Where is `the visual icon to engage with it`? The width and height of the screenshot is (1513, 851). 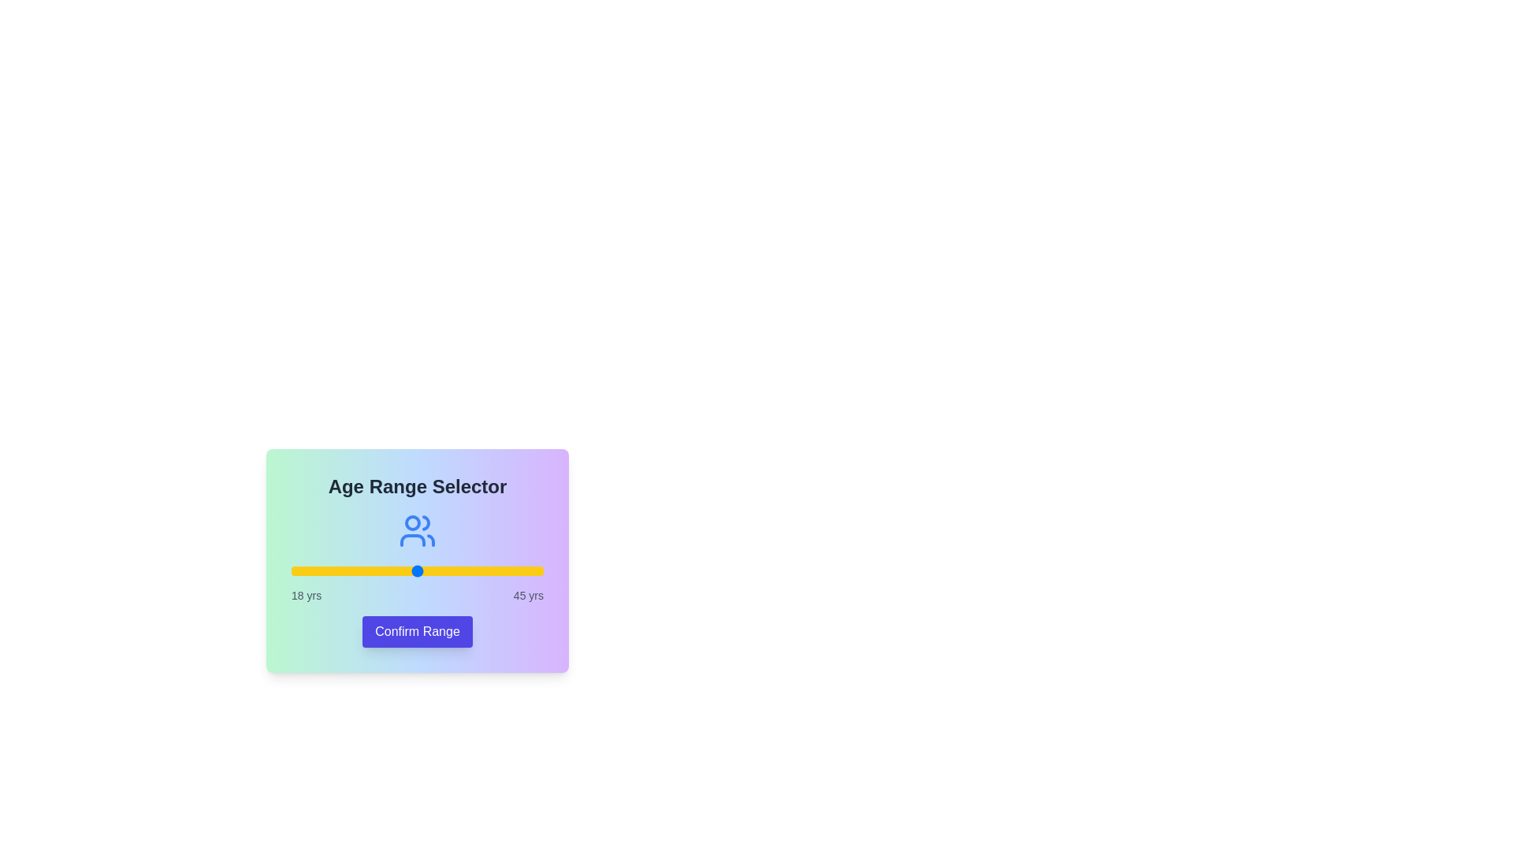 the visual icon to engage with it is located at coordinates (417, 531).